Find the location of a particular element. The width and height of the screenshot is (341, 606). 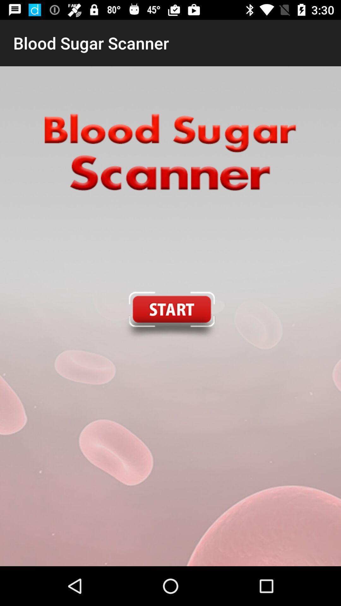

start button is located at coordinates (170, 316).